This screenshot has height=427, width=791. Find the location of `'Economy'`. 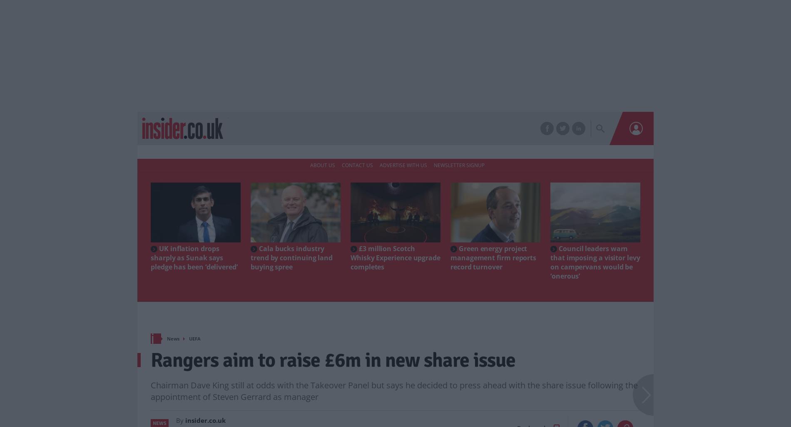

'Economy' is located at coordinates (252, 128).